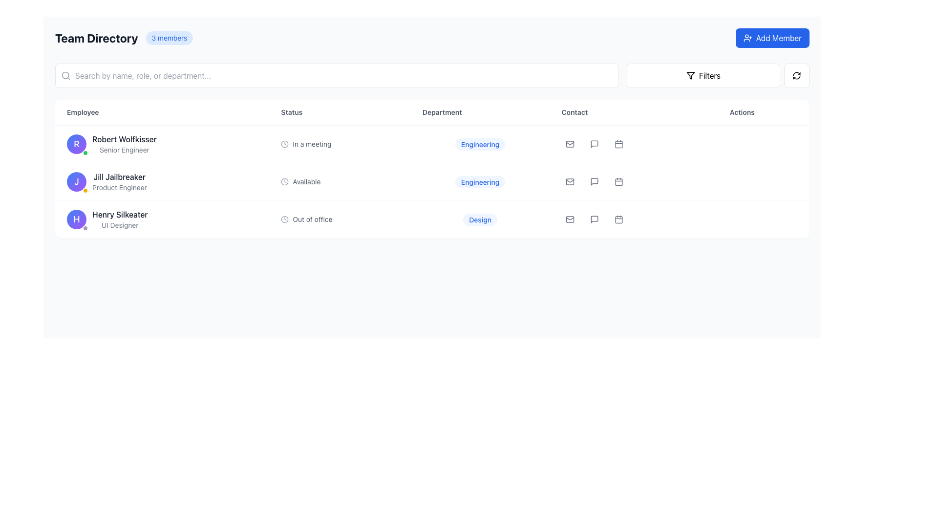 This screenshot has width=938, height=528. What do you see at coordinates (85, 190) in the screenshot?
I see `the small yellow circular indicator with a white border located at the bottom-right part of the avatar displaying 'J', adjacent to the second user's details row` at bounding box center [85, 190].